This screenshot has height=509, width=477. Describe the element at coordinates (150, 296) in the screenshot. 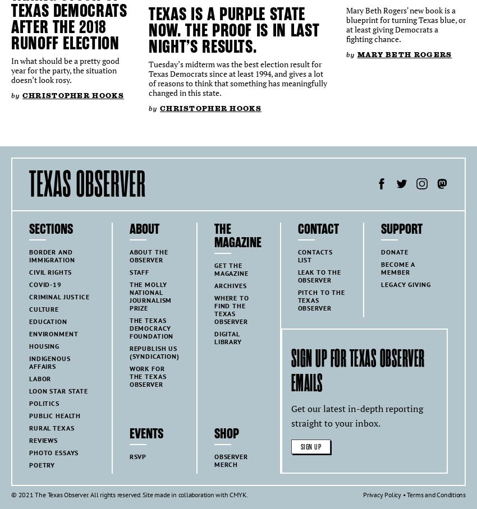

I see `'The Molly National Journalism Prize'` at that location.